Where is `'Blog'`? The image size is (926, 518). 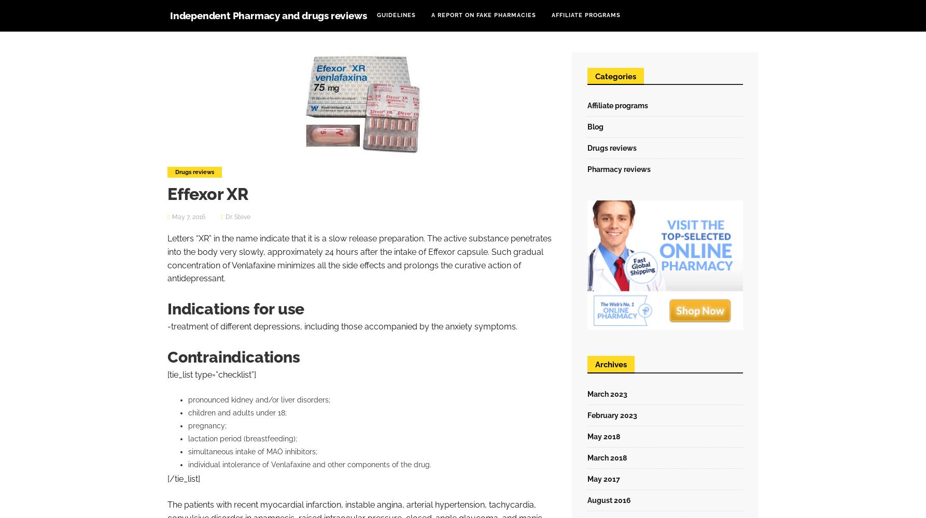
'Blog' is located at coordinates (595, 126).